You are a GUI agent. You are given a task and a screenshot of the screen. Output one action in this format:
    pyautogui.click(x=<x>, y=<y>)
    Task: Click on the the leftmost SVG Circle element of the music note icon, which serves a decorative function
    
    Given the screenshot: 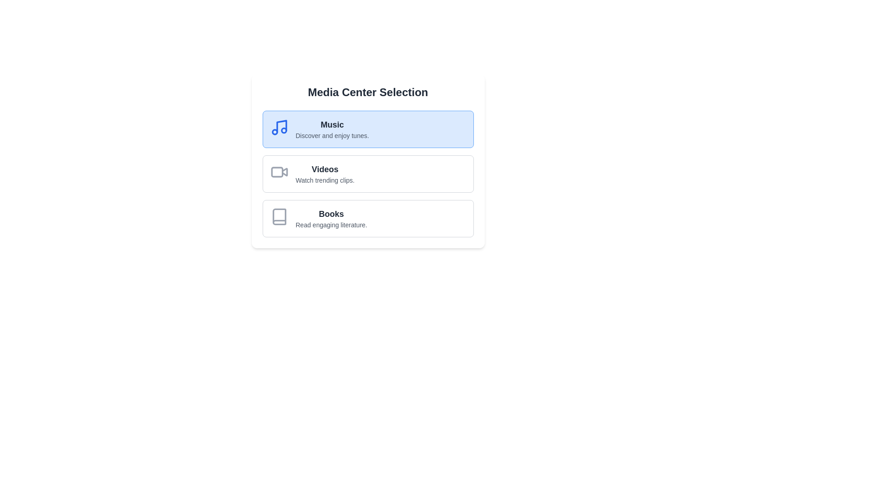 What is the action you would take?
    pyautogui.click(x=274, y=132)
    